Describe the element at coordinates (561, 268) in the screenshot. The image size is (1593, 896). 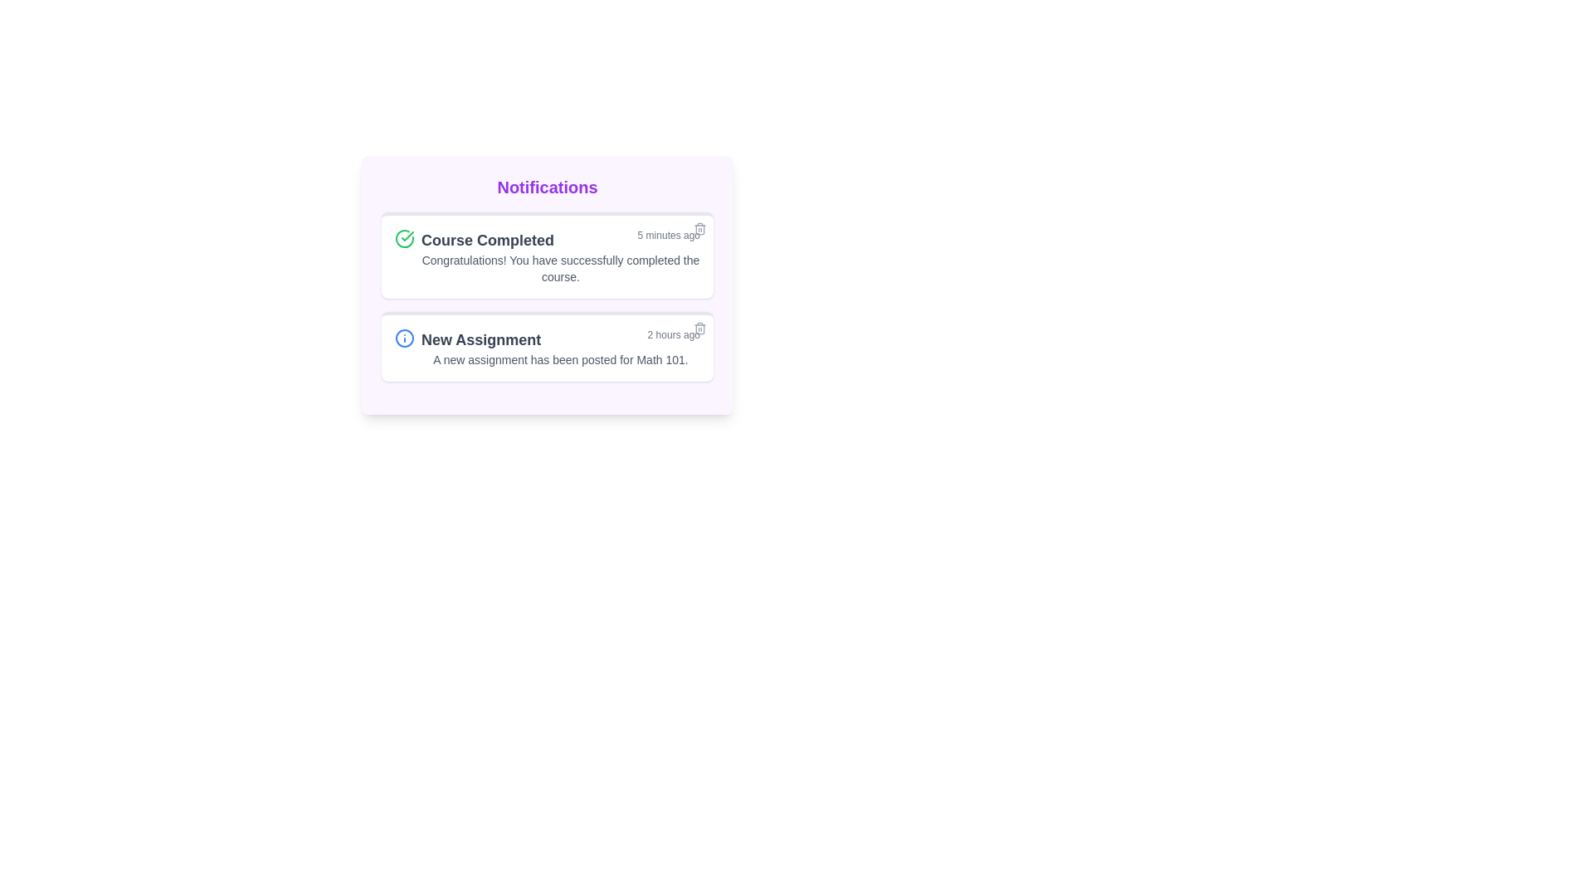
I see `message displayed in the textual notification line that says, 'Congratulations! You have successfully completed the course.'` at that location.